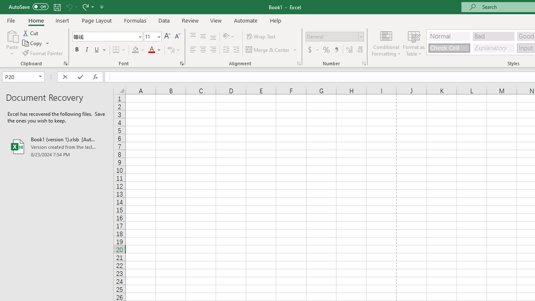  What do you see at coordinates (448, 36) in the screenshot?
I see `'Normal'` at bounding box center [448, 36].